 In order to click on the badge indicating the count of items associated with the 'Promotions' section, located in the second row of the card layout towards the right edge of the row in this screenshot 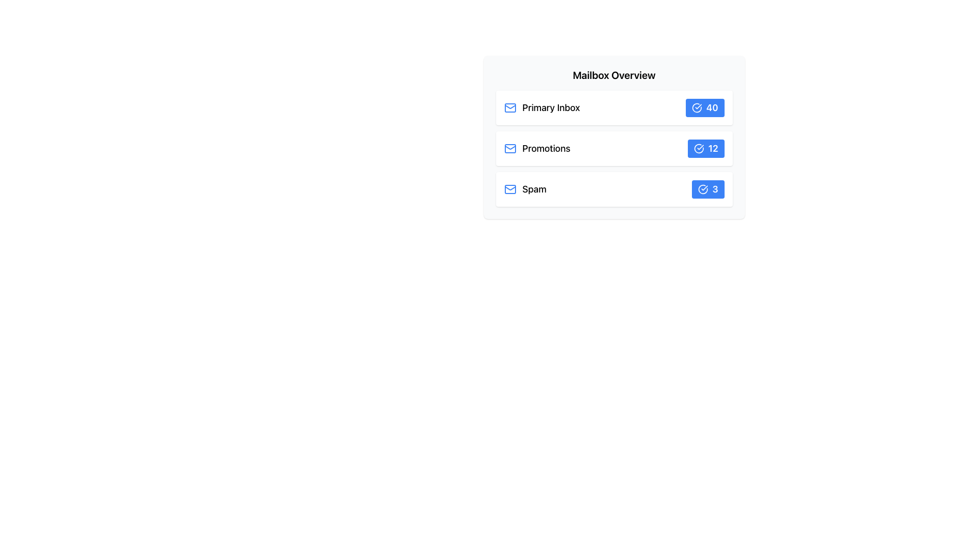, I will do `click(705, 149)`.